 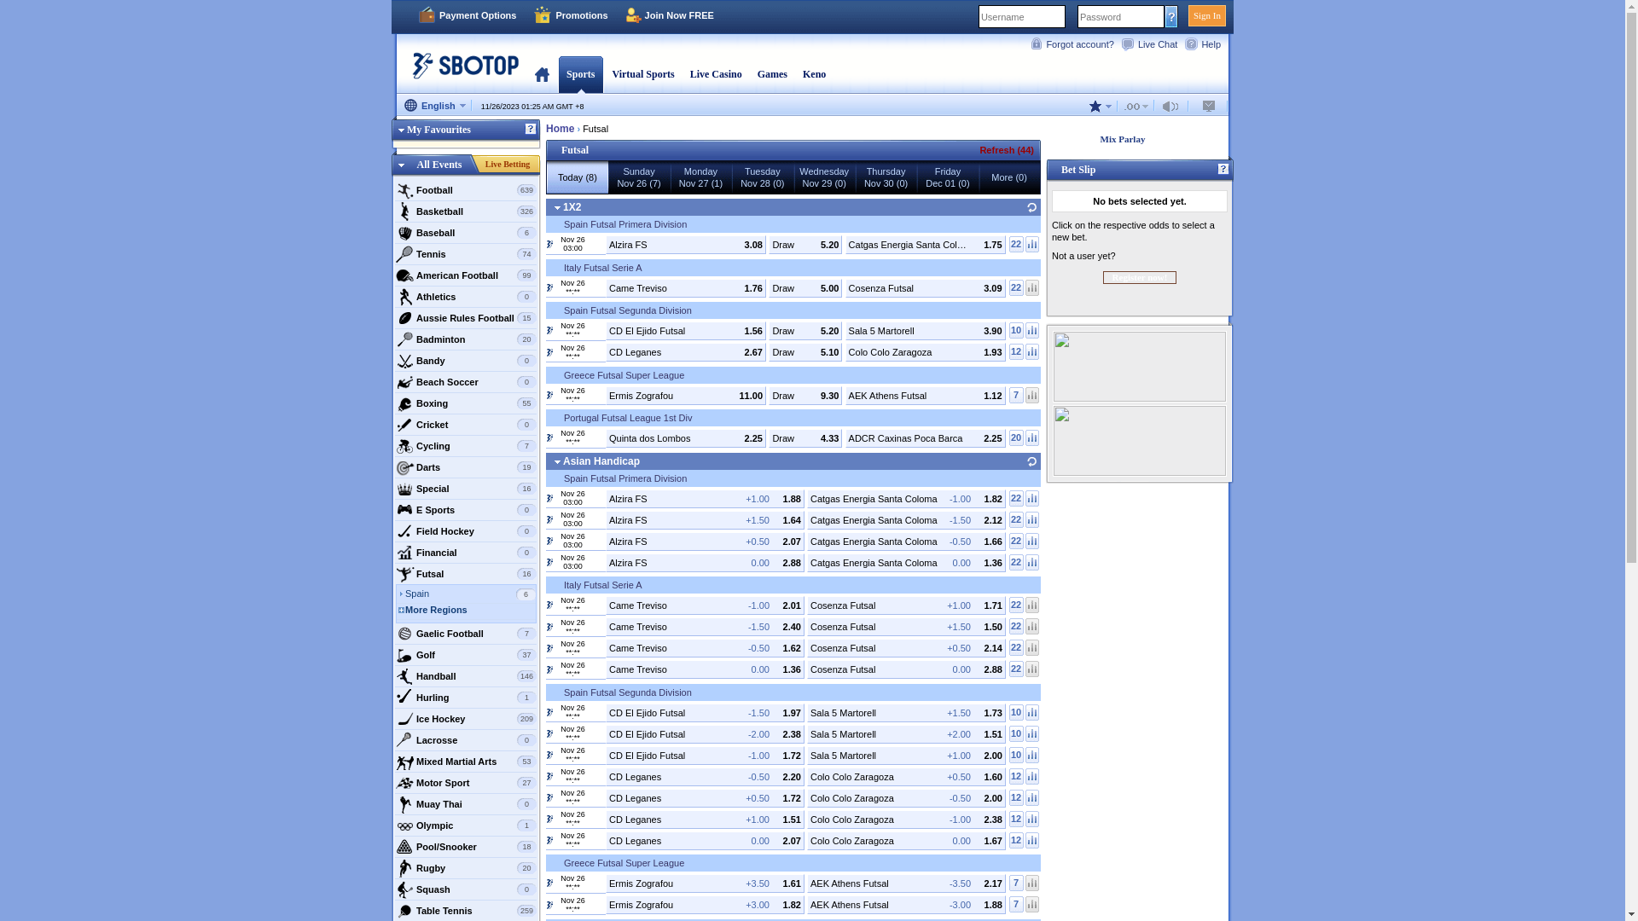 I want to click on '1.51, so click(x=905, y=733).